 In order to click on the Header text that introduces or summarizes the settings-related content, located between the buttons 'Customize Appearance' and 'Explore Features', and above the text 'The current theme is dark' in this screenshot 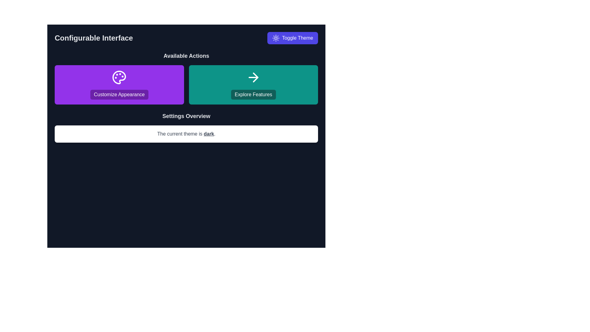, I will do `click(186, 116)`.